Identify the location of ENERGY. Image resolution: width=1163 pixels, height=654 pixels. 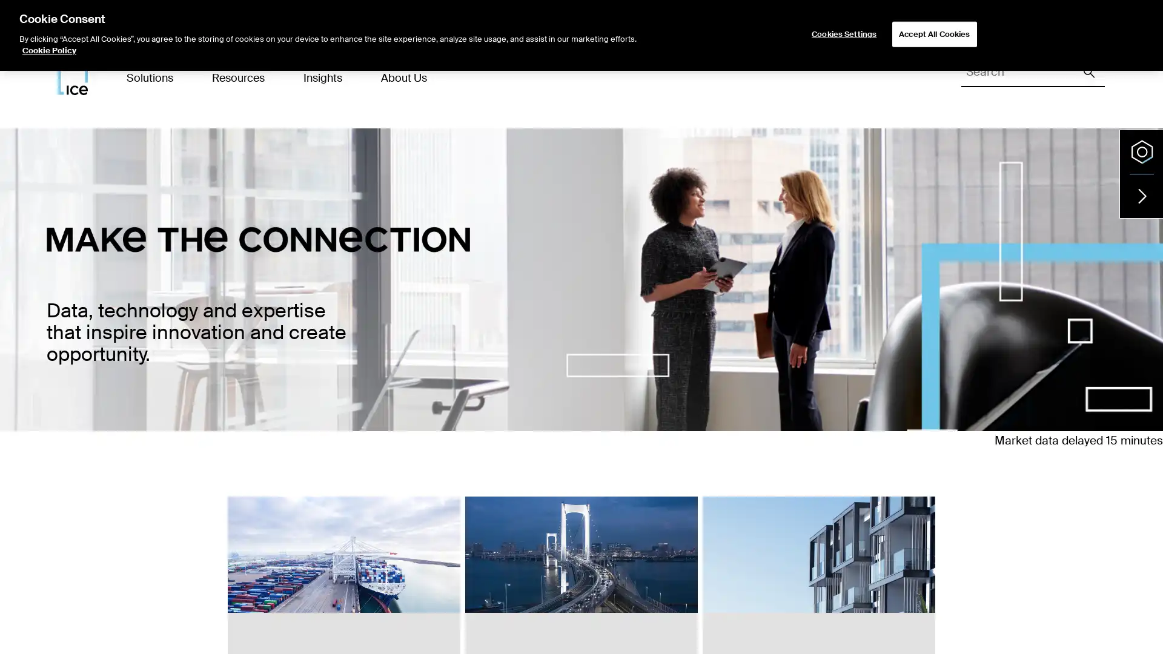
(68, 451).